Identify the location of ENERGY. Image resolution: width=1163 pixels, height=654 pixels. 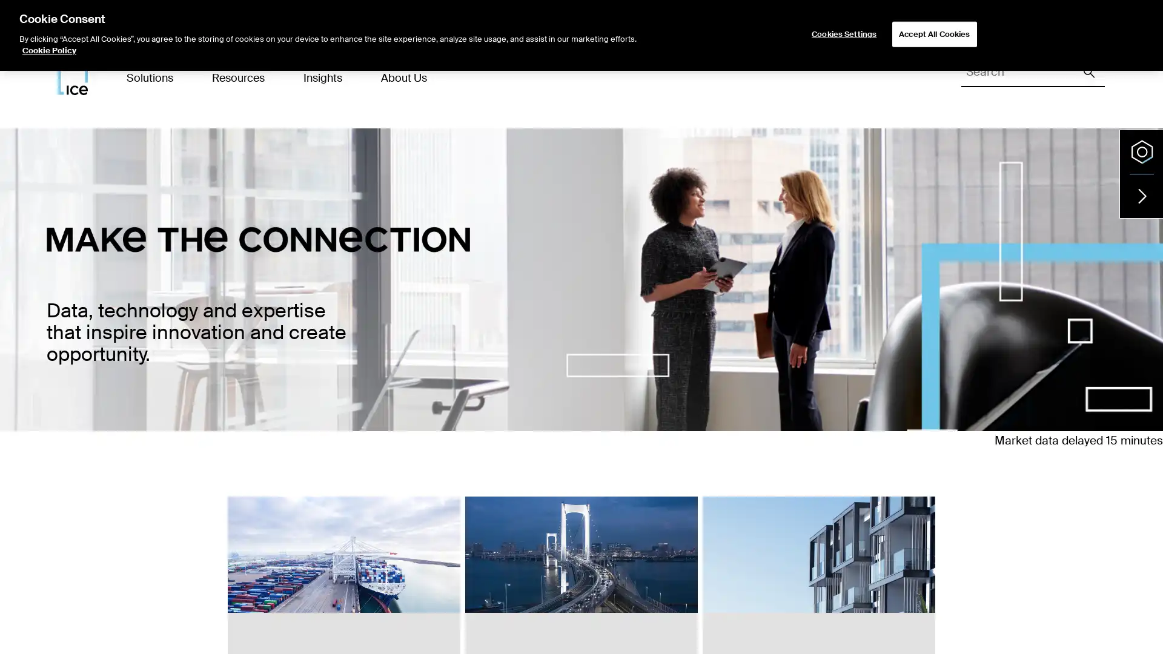
(68, 451).